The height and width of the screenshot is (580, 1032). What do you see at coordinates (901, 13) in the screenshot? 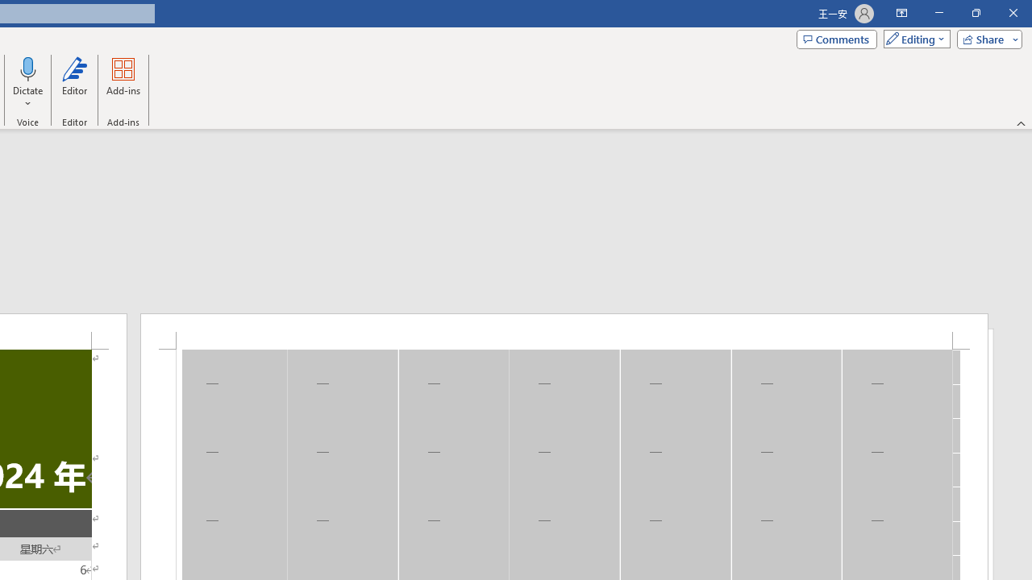
I see `'Ribbon Display Options'` at bounding box center [901, 13].